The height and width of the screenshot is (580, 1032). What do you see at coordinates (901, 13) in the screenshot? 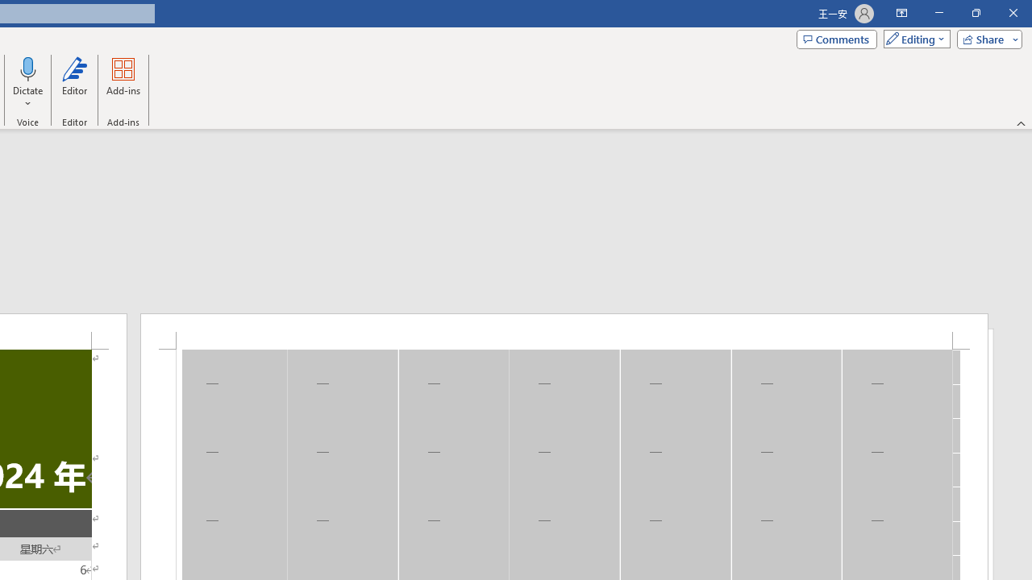
I see `'Ribbon Display Options'` at bounding box center [901, 13].